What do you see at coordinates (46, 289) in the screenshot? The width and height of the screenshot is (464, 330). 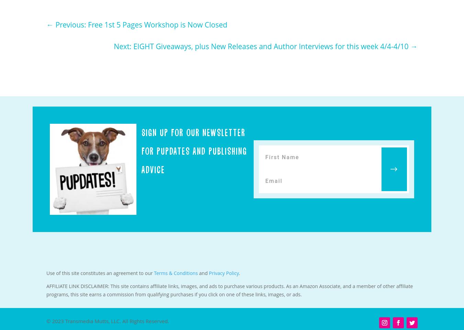 I see `'AFFILIATE LINK DISCLAIMER: This site contains affiliate links, images, and ads to purchase various products. As an Amazon Associate, and a member of other affiliate programs, this site earns a commission from qualifying purchases if you click on one of these links, images, or ads.'` at bounding box center [46, 289].